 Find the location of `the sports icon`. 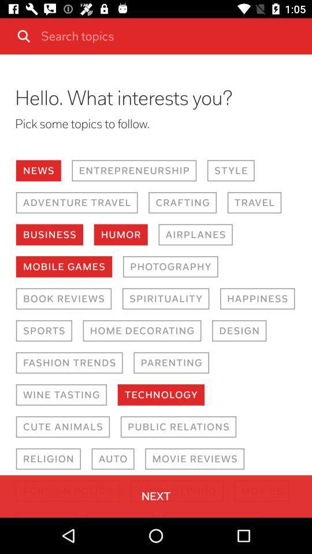

the sports icon is located at coordinates (43, 331).